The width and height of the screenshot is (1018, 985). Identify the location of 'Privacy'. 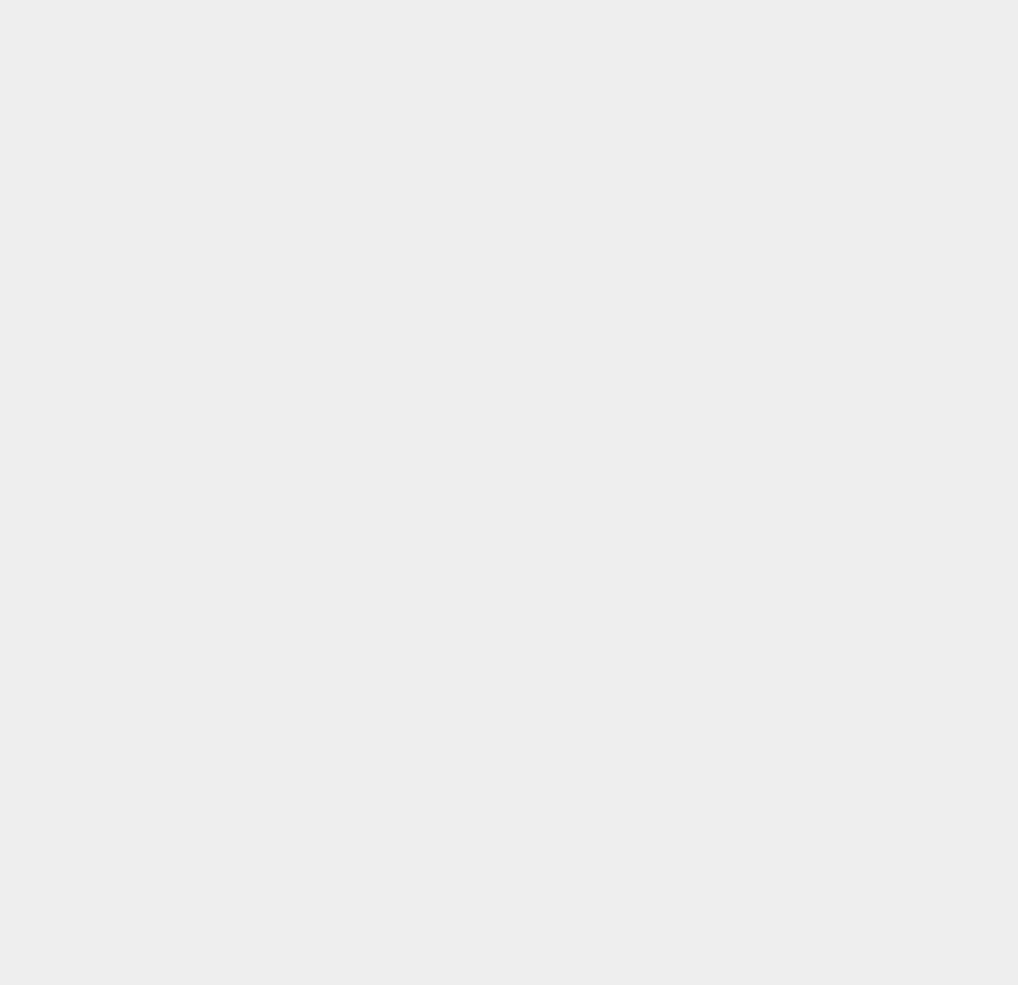
(741, 227).